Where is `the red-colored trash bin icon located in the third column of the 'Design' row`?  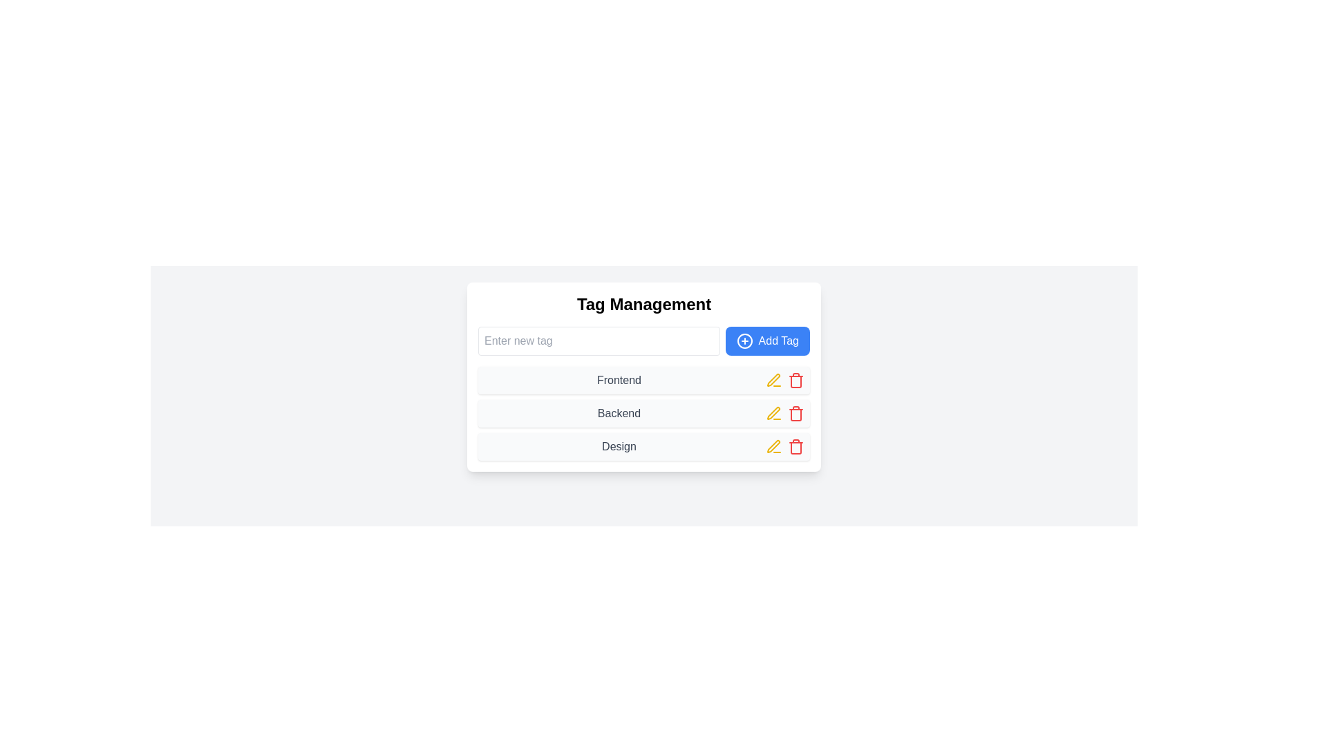 the red-colored trash bin icon located in the third column of the 'Design' row is located at coordinates (796, 447).